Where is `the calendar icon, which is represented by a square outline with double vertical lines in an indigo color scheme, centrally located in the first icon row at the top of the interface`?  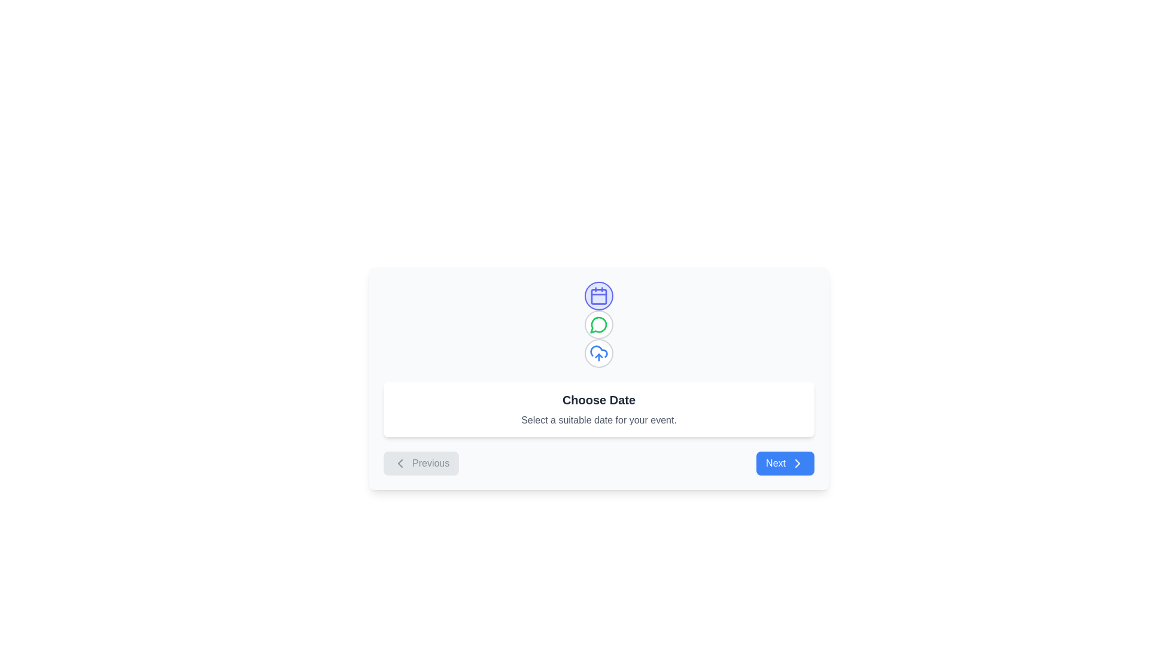 the calendar icon, which is represented by a square outline with double vertical lines in an indigo color scheme, centrally located in the first icon row at the top of the interface is located at coordinates (599, 295).